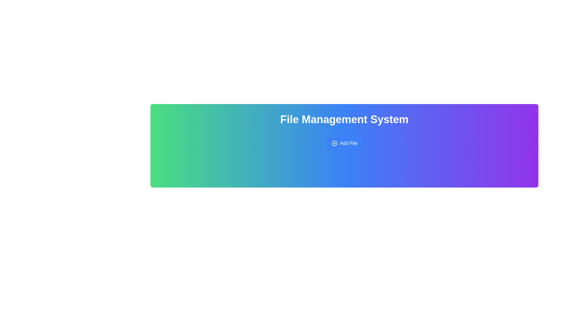  Describe the element at coordinates (334, 143) in the screenshot. I see `the circular '+' icon located to the left of the 'Add File' text within the button, which is part of a blue rectangular section` at that location.